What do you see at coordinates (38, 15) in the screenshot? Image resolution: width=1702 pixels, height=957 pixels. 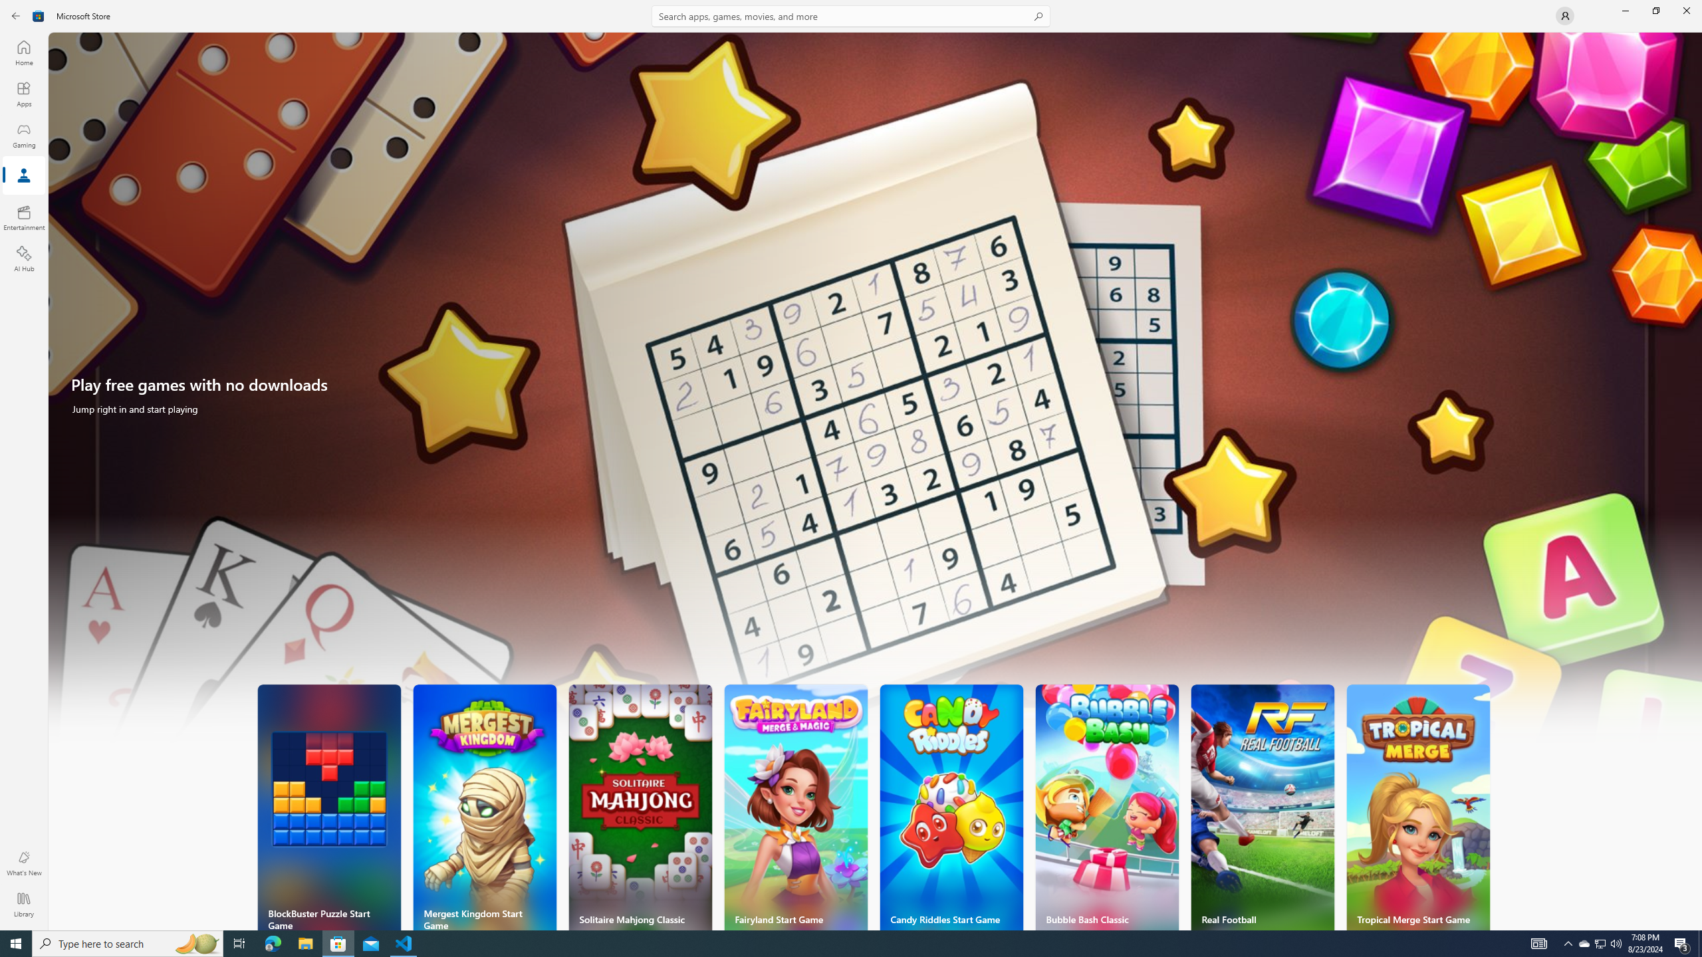 I see `'Class: Image'` at bounding box center [38, 15].